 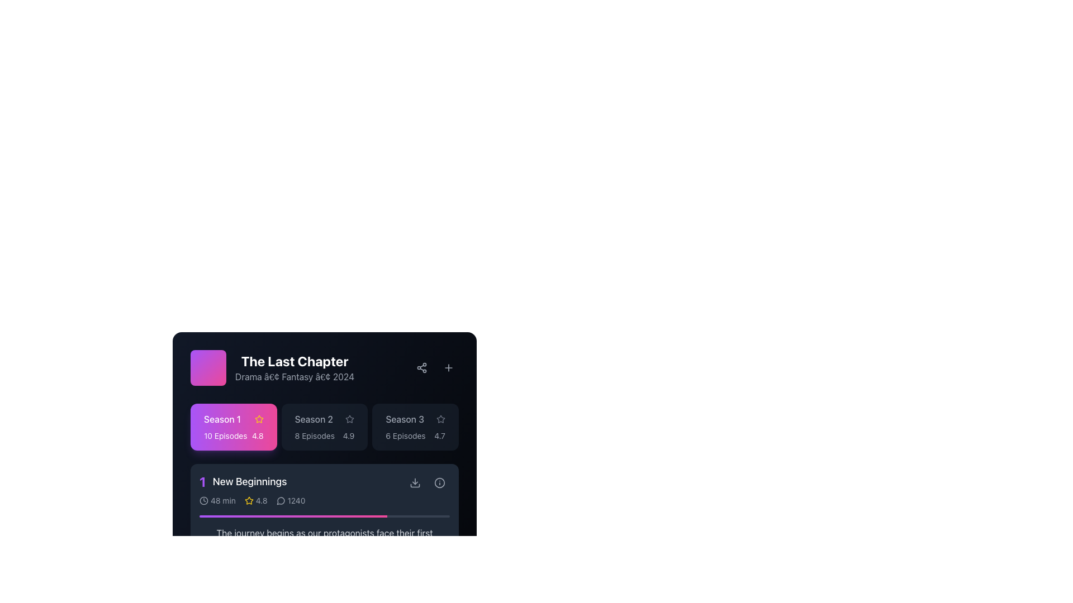 I want to click on the circular outline of the clock icon located in the bottom-left corner of the UI section, so click(x=203, y=500).